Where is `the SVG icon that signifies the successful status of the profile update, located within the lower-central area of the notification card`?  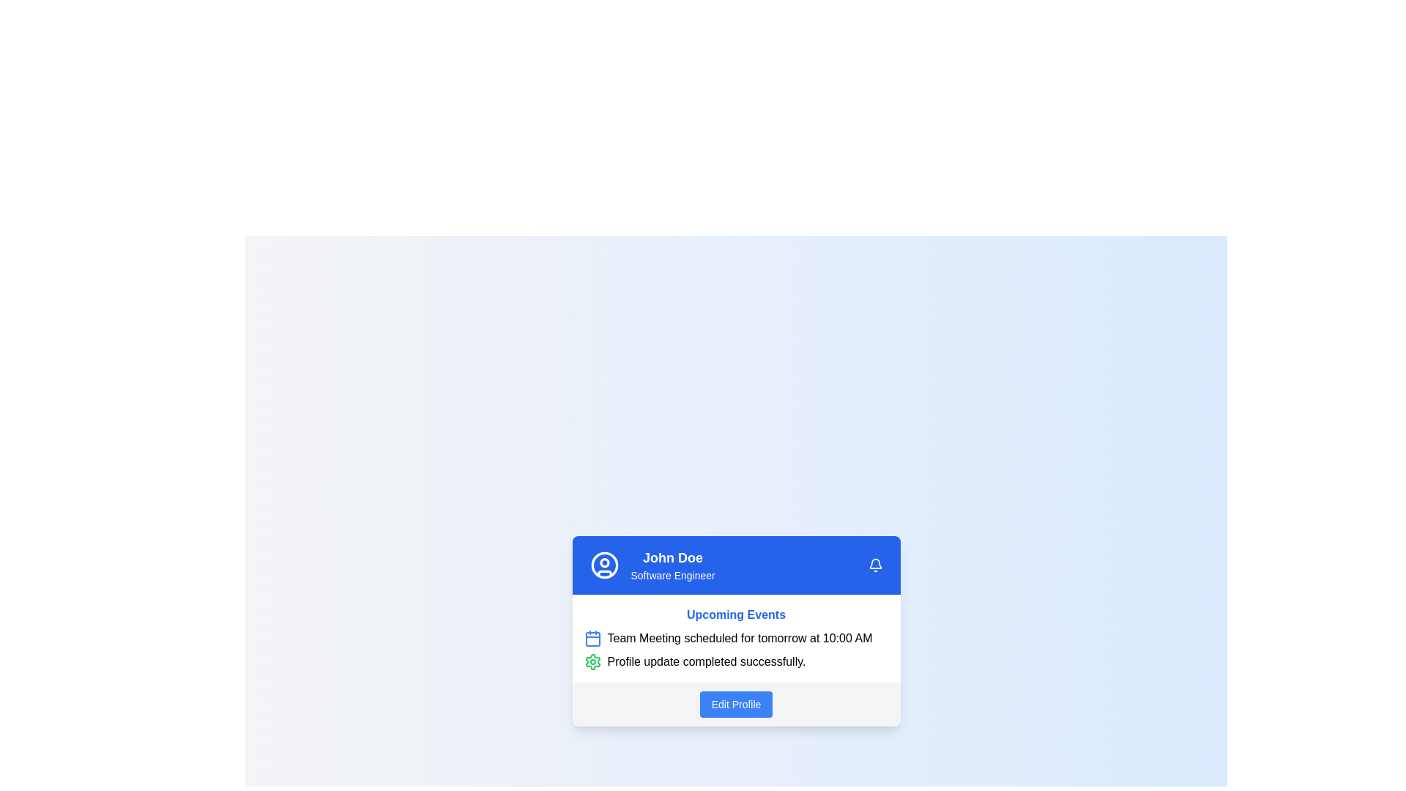 the SVG icon that signifies the successful status of the profile update, located within the lower-central area of the notification card is located at coordinates (592, 661).